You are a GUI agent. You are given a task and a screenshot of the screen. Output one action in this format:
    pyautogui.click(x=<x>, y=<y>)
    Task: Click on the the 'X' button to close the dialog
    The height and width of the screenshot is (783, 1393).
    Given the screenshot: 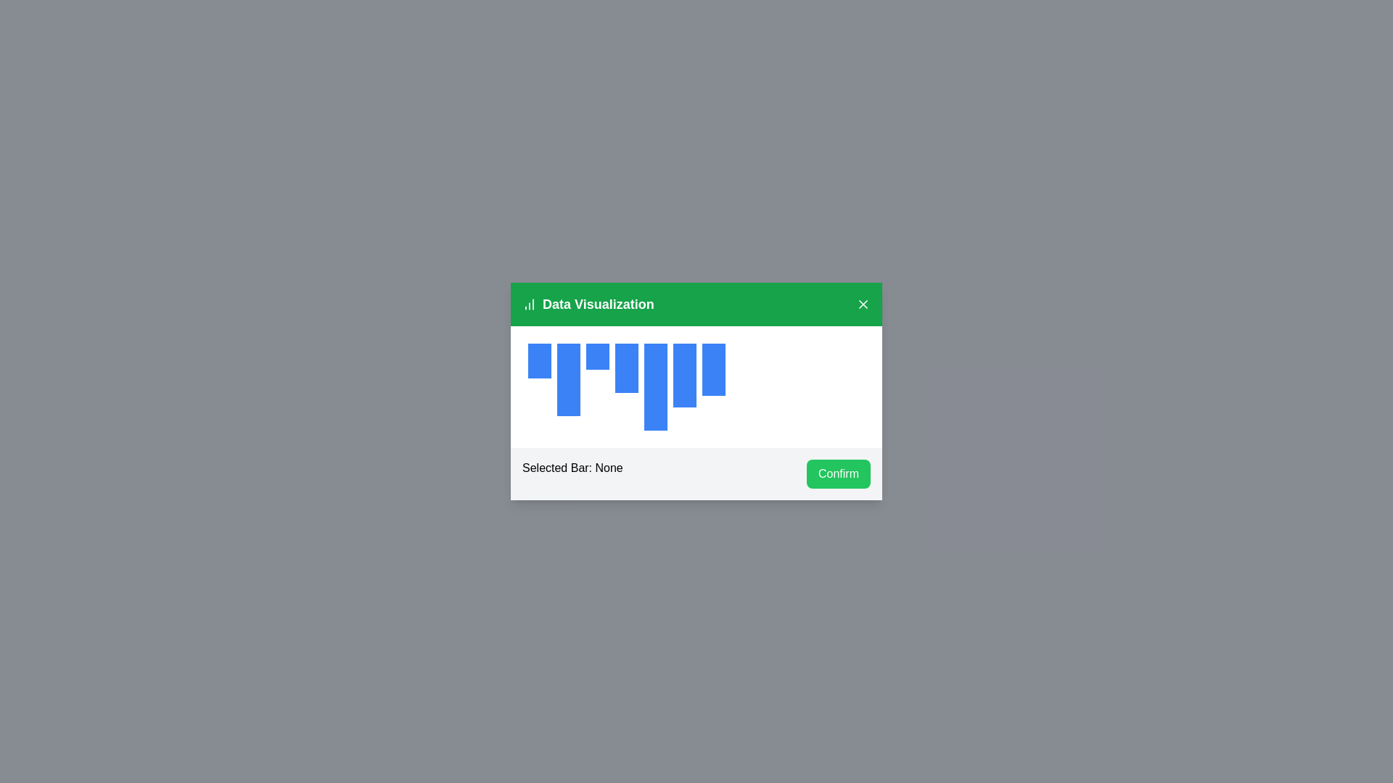 What is the action you would take?
    pyautogui.click(x=863, y=304)
    